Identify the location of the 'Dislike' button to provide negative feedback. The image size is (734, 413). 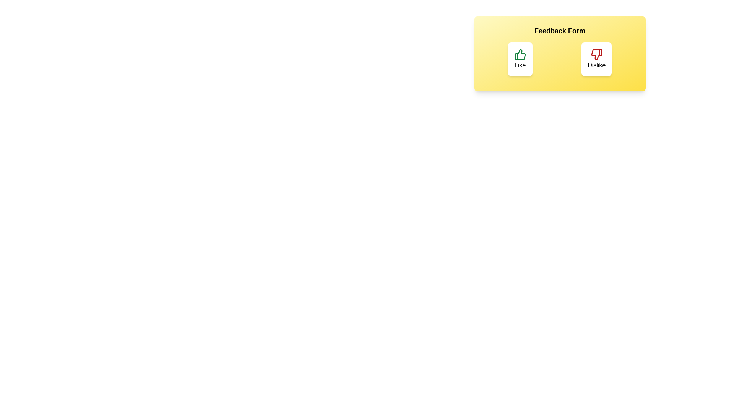
(596, 59).